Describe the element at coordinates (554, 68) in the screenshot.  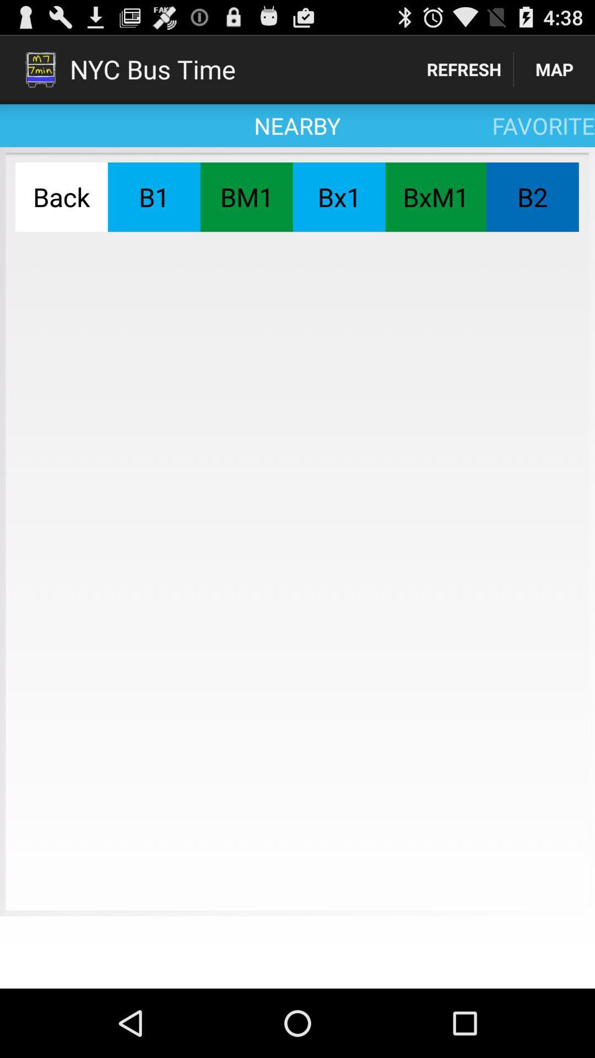
I see `icon to the right of the refresh item` at that location.